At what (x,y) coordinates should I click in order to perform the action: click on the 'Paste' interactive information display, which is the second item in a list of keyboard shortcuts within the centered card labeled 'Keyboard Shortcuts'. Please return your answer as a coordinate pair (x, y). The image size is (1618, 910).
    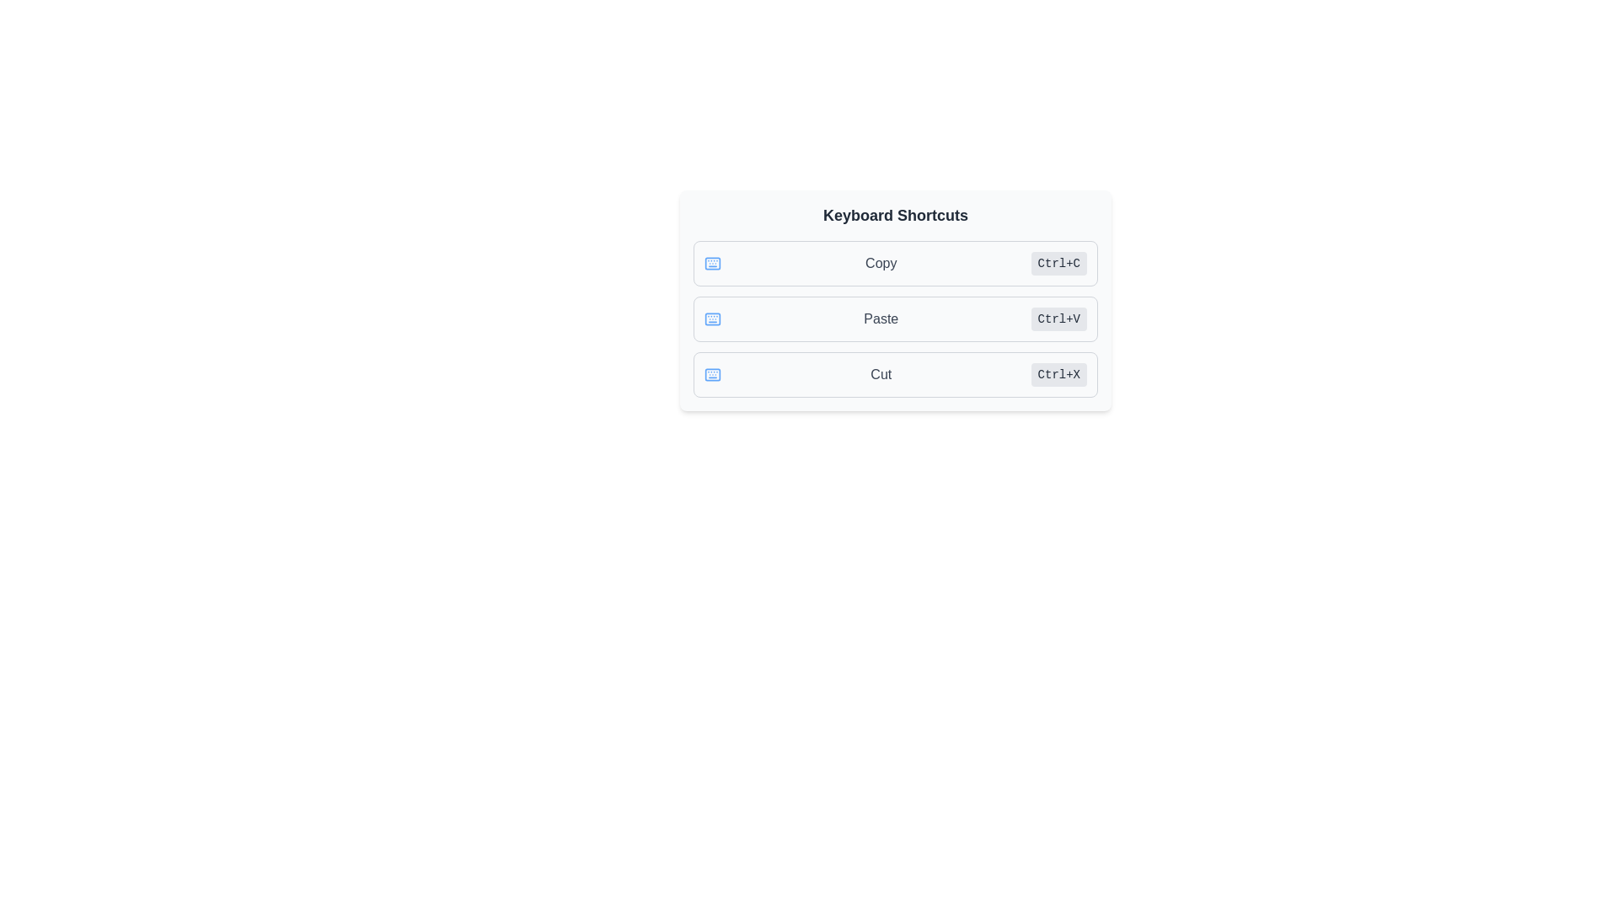
    Looking at the image, I should click on (894, 300).